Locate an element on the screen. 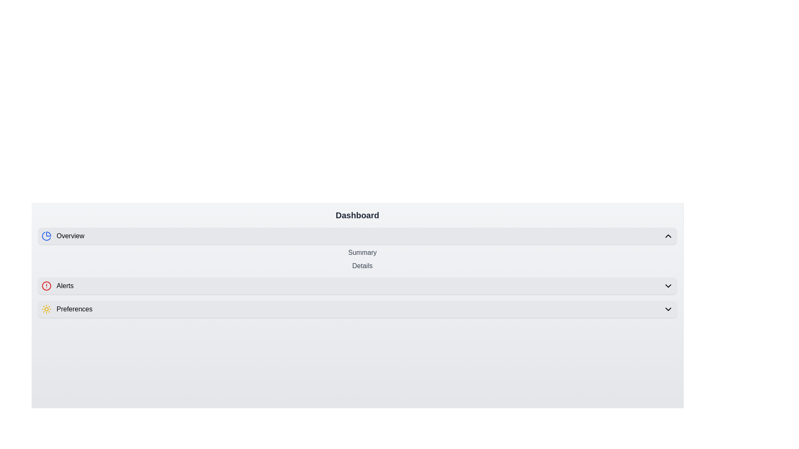  the downward-pointing chevron icon next to the 'Preferences' label is located at coordinates (668, 309).